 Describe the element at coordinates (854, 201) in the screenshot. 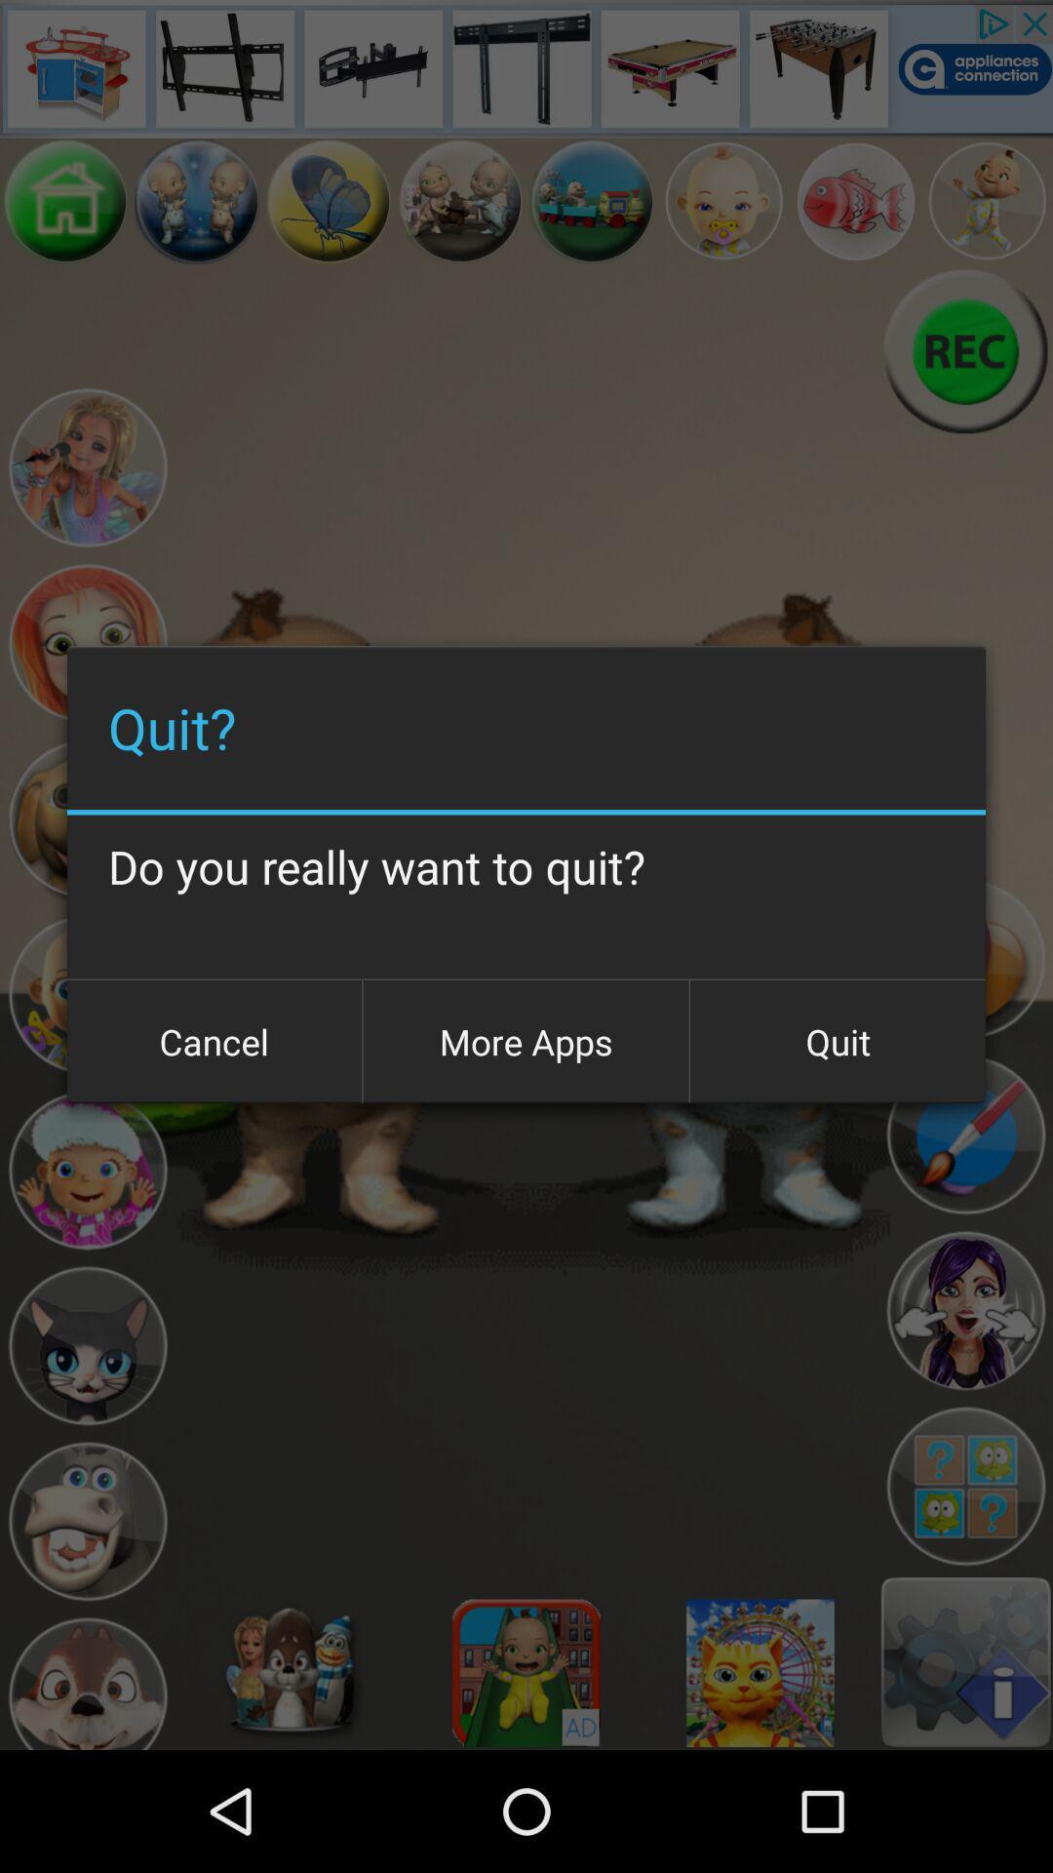

I see `choose a character` at that location.